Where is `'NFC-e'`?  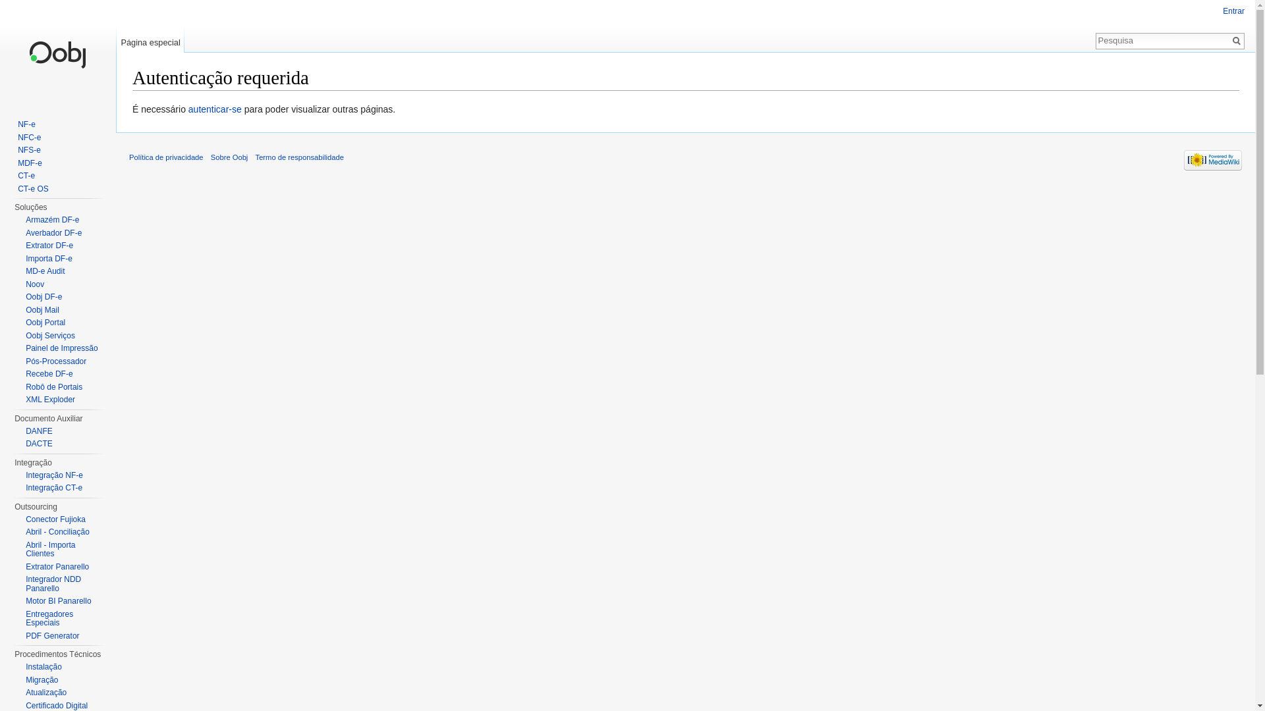
'NFC-e' is located at coordinates (29, 137).